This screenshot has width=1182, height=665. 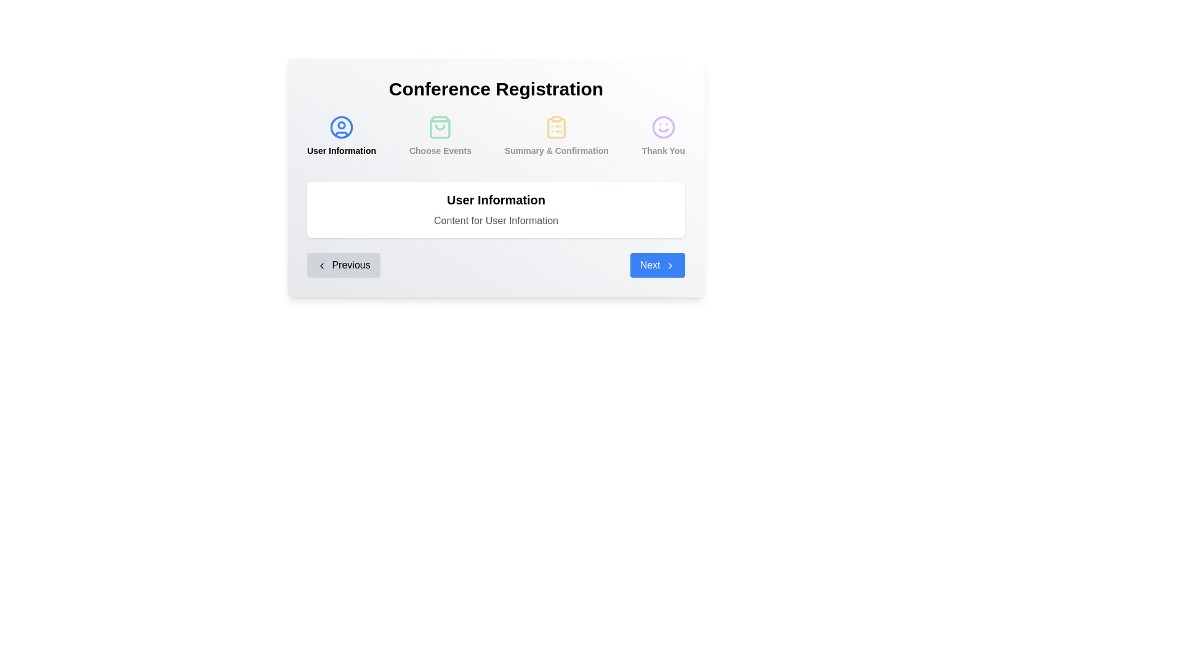 What do you see at coordinates (662, 127) in the screenshot?
I see `the nose of the smiley face icon in the 'Thank You' navigation header, which is a circular element centrally located within the purple smiley face icon` at bounding box center [662, 127].